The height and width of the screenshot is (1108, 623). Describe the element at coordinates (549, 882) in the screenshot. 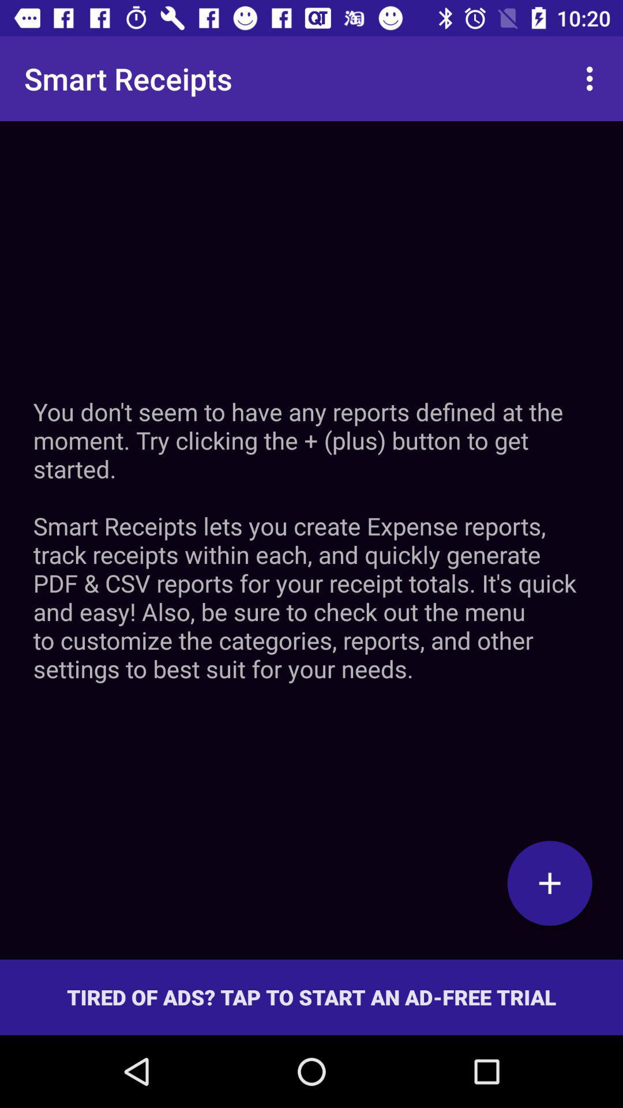

I see `the add icon` at that location.